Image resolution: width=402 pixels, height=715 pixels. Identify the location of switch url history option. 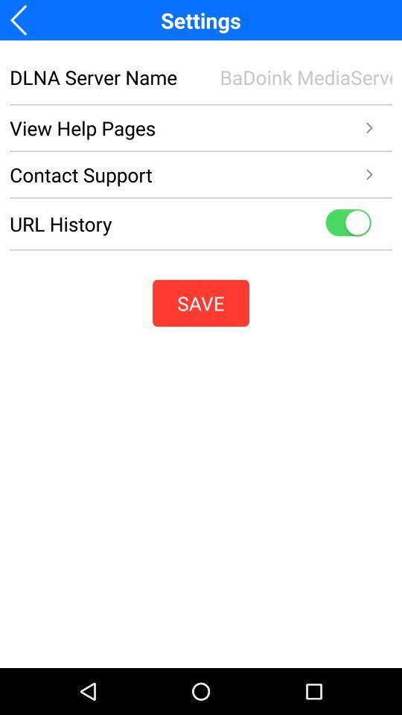
(348, 223).